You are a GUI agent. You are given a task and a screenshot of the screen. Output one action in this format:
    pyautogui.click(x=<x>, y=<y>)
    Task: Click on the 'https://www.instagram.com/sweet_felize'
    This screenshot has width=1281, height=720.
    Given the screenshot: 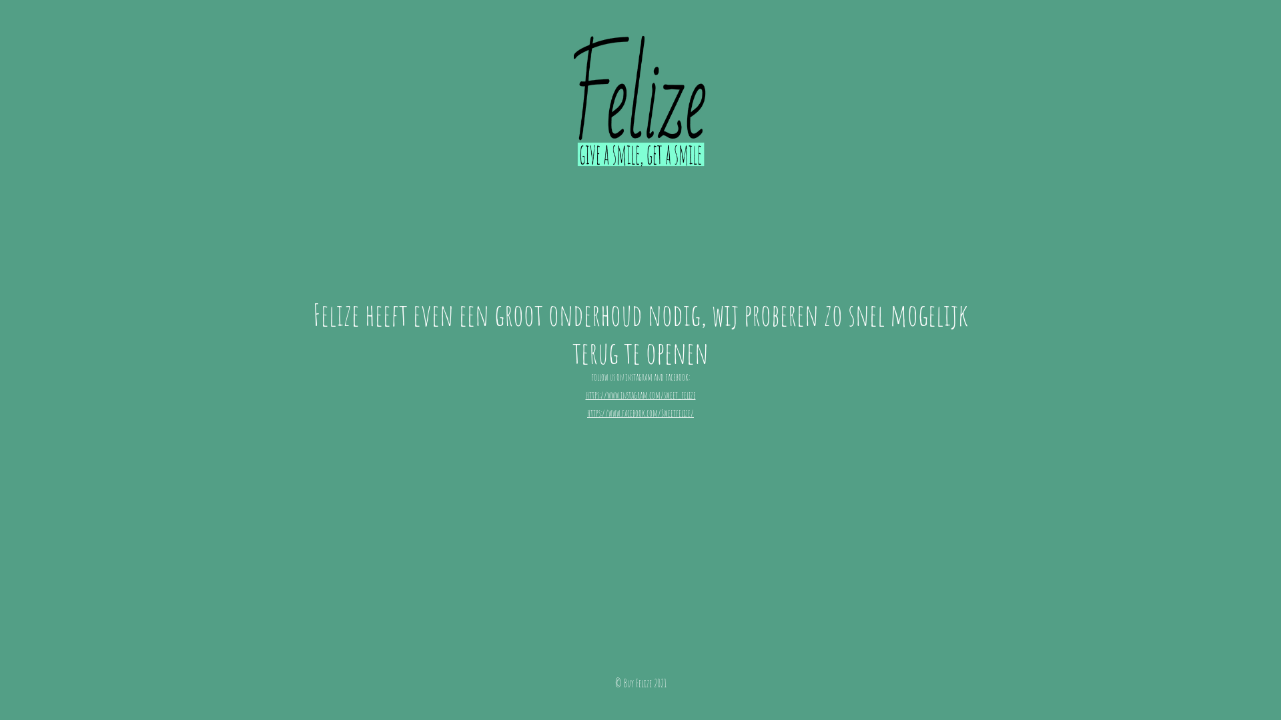 What is the action you would take?
    pyautogui.click(x=640, y=394)
    